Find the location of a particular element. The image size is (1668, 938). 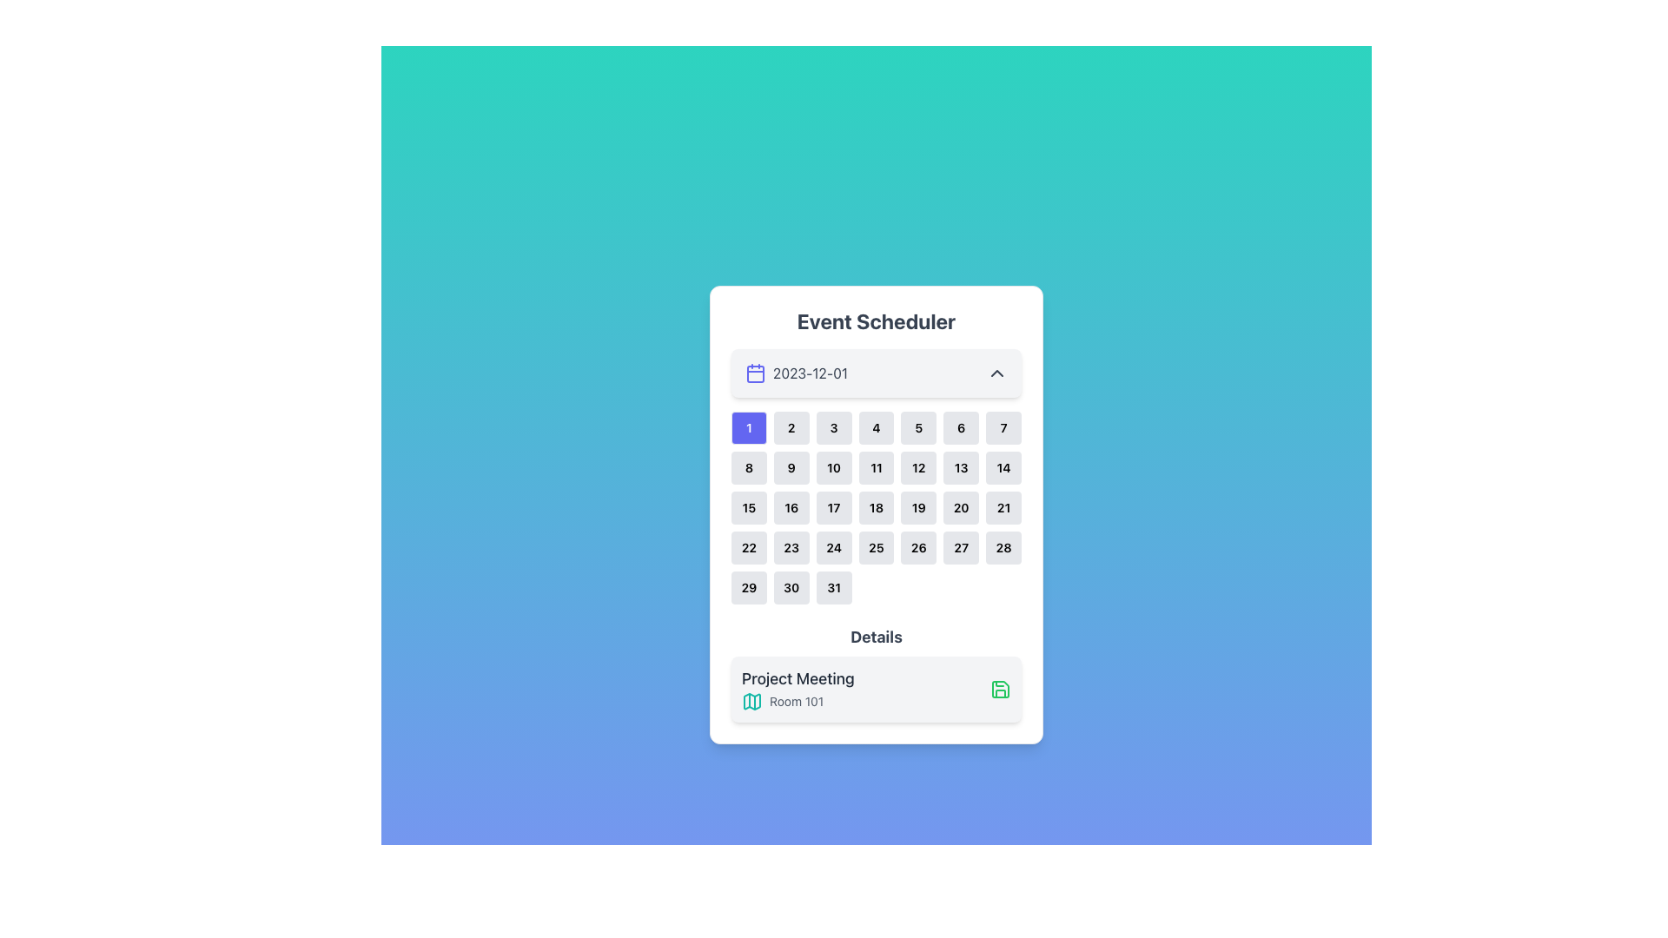

the button labeled '18' which is a rectangular button with rounded corners located in the calendar UI, positioned in the third row and fourth column is located at coordinates (876, 508).